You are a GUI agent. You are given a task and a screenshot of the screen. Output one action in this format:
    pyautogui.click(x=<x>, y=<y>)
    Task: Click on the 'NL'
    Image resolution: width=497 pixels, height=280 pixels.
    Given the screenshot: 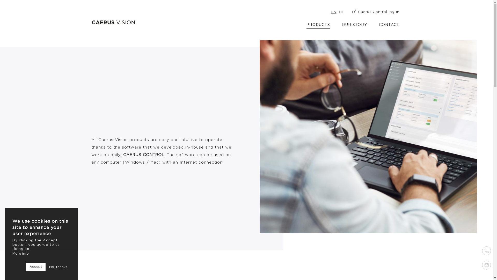 What is the action you would take?
    pyautogui.click(x=339, y=12)
    